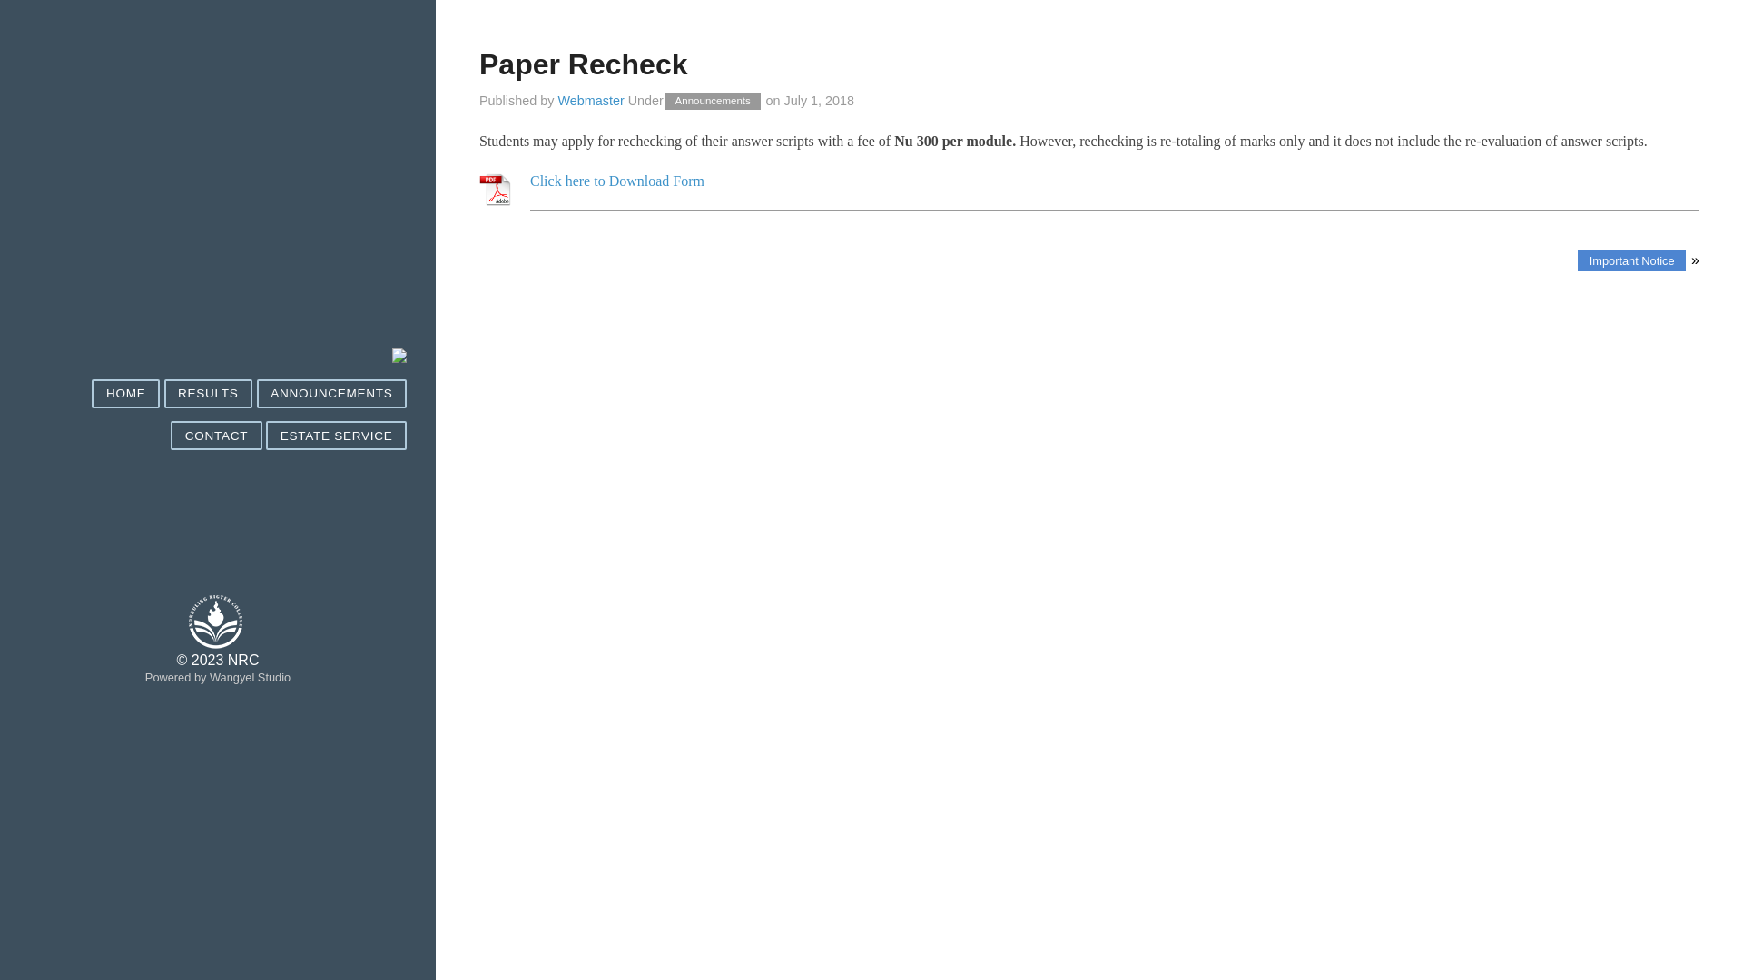 This screenshot has width=1743, height=980. What do you see at coordinates (256, 393) in the screenshot?
I see `'ANNOUNCEMENTS'` at bounding box center [256, 393].